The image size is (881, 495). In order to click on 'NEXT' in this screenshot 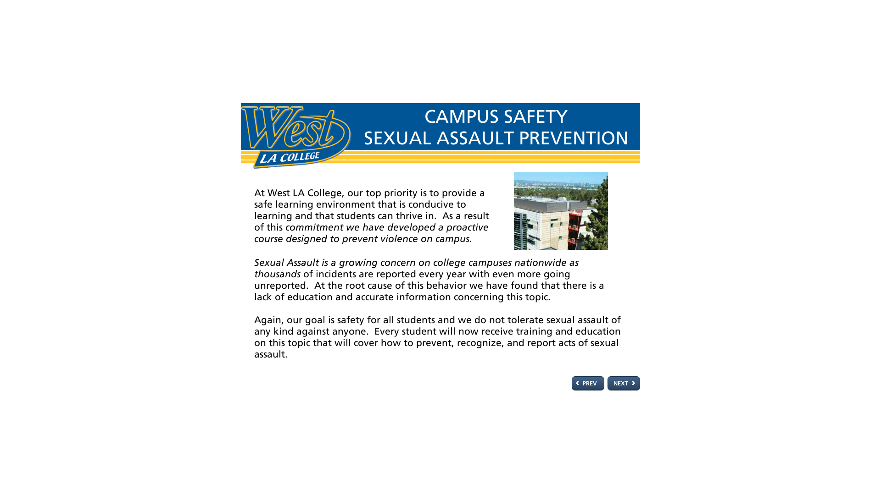, I will do `click(624, 383)`.